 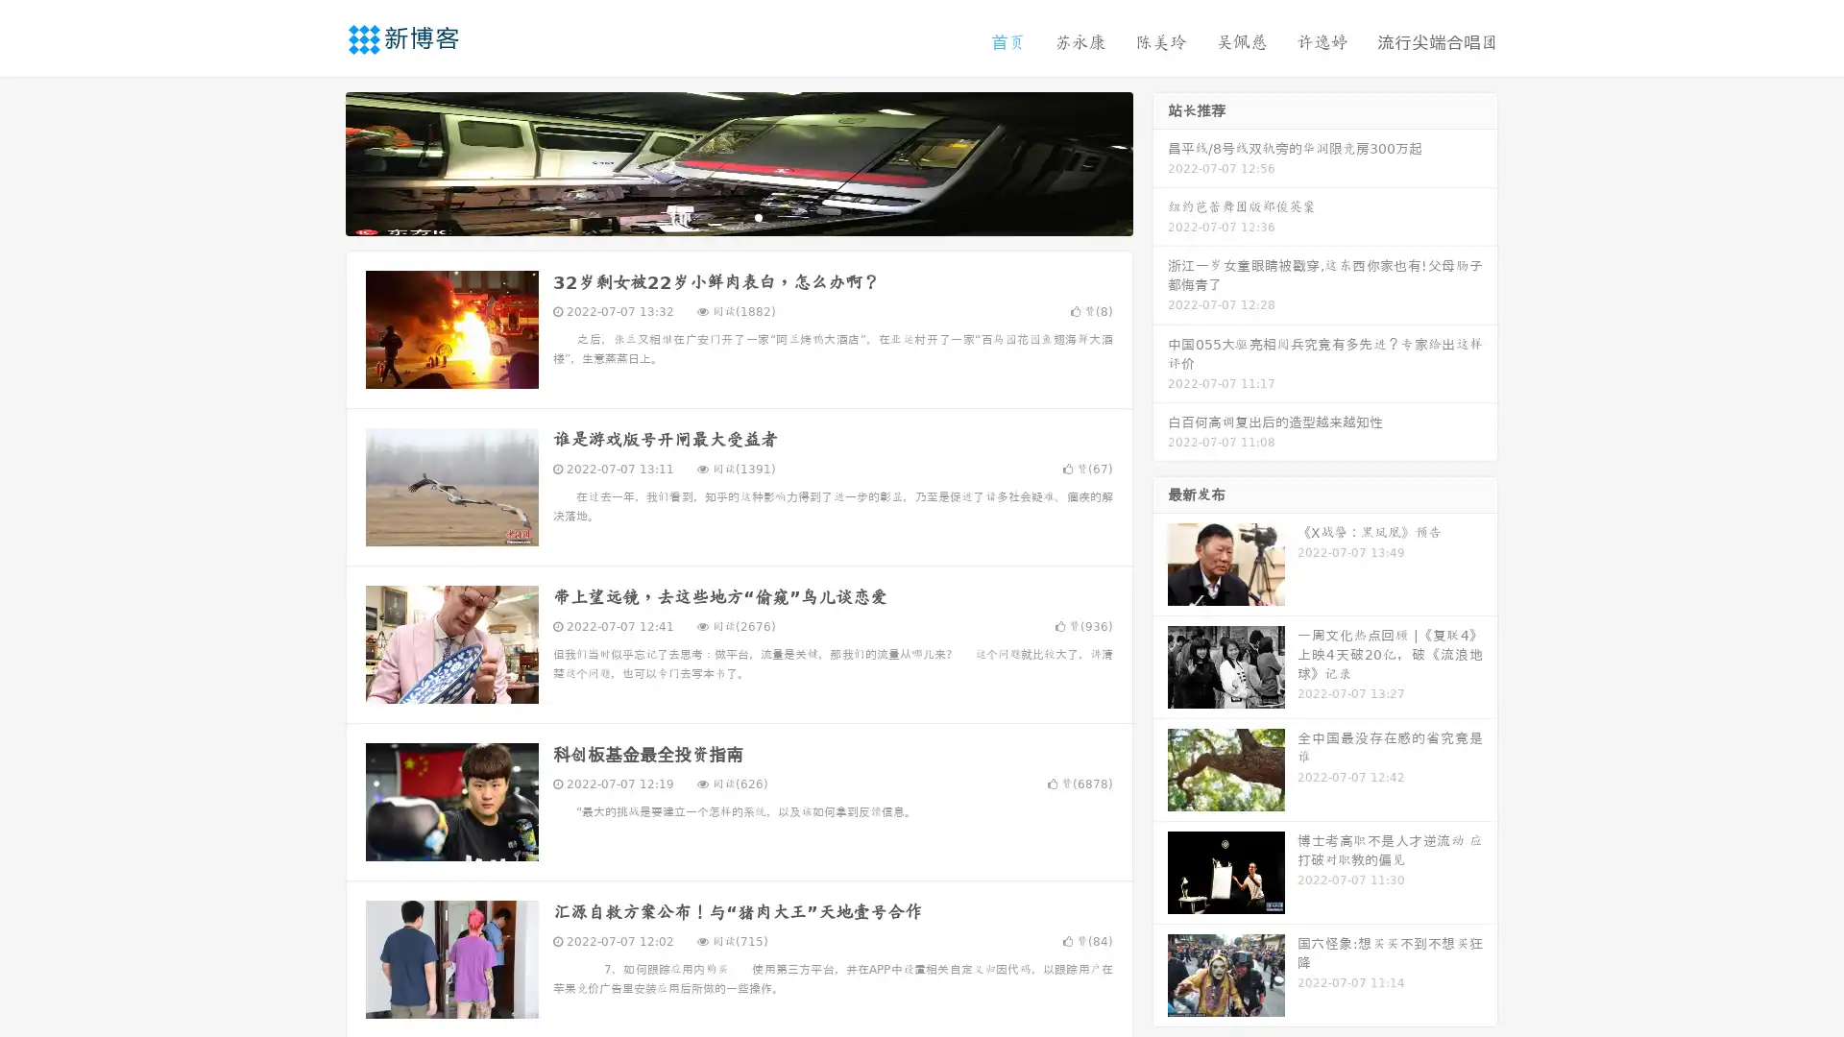 I want to click on Next slide, so click(x=1160, y=161).